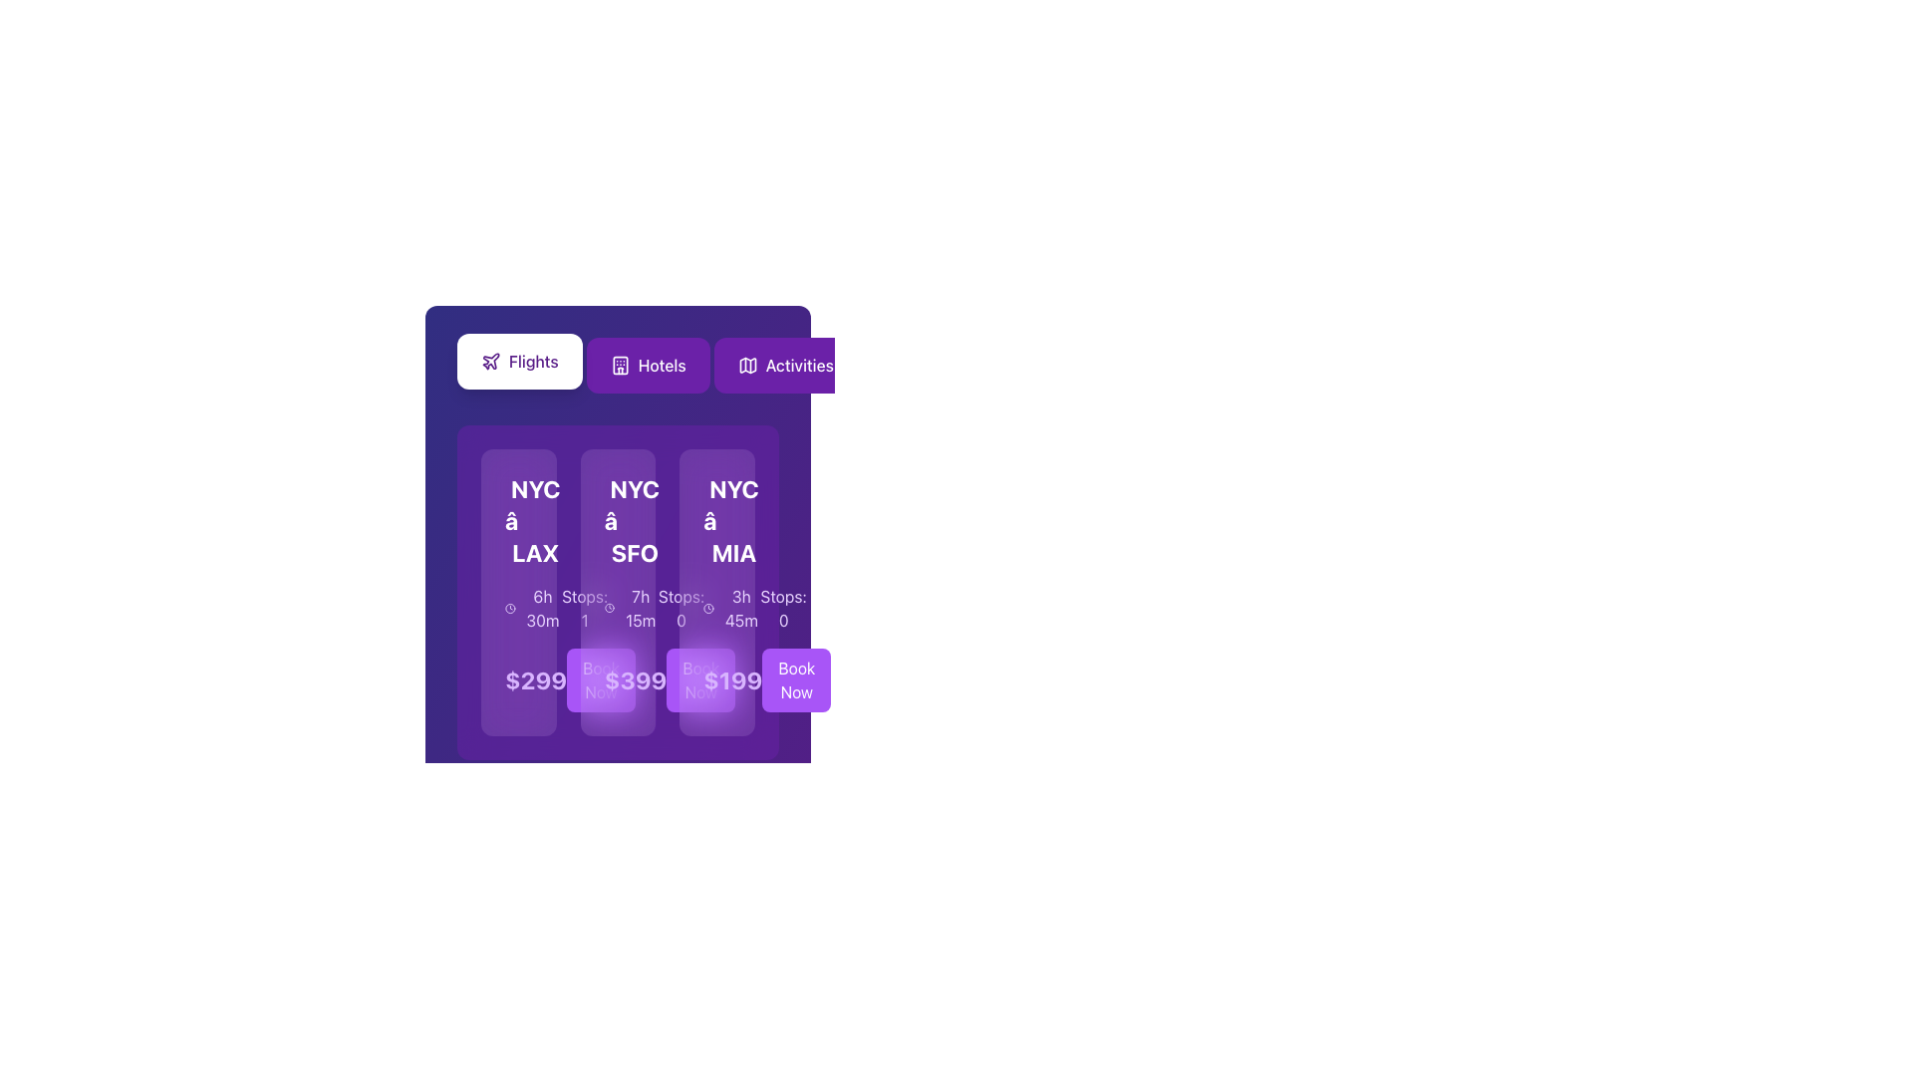  I want to click on text displaying the flight duration located under the 'NYC à SFO' column, next to the 'Stops' label and above the 'Book Now' button, so click(630, 607).